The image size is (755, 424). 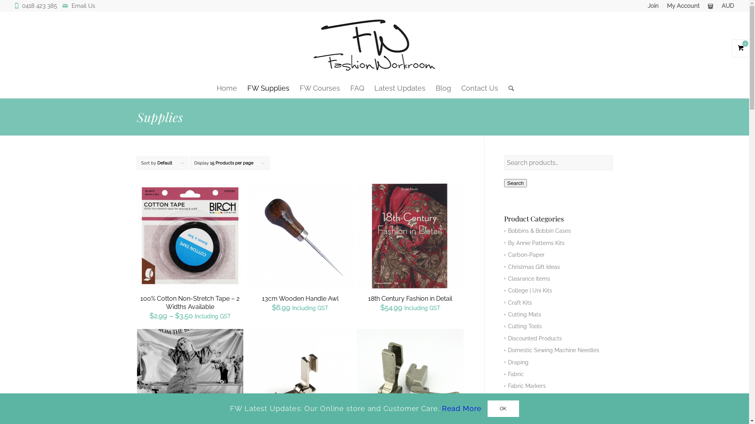 What do you see at coordinates (83, 6) in the screenshot?
I see `'Email Us'` at bounding box center [83, 6].